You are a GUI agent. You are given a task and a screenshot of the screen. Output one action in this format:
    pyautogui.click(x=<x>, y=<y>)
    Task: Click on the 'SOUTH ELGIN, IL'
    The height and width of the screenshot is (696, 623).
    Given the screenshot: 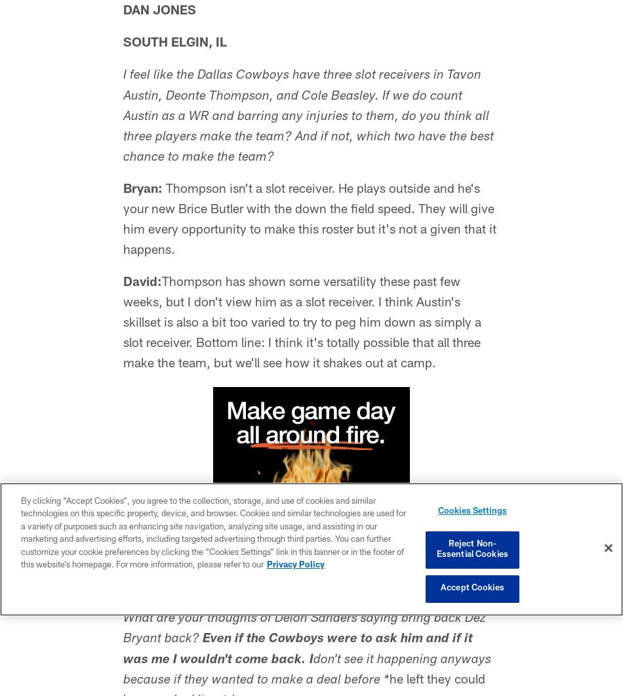 What is the action you would take?
    pyautogui.click(x=174, y=43)
    